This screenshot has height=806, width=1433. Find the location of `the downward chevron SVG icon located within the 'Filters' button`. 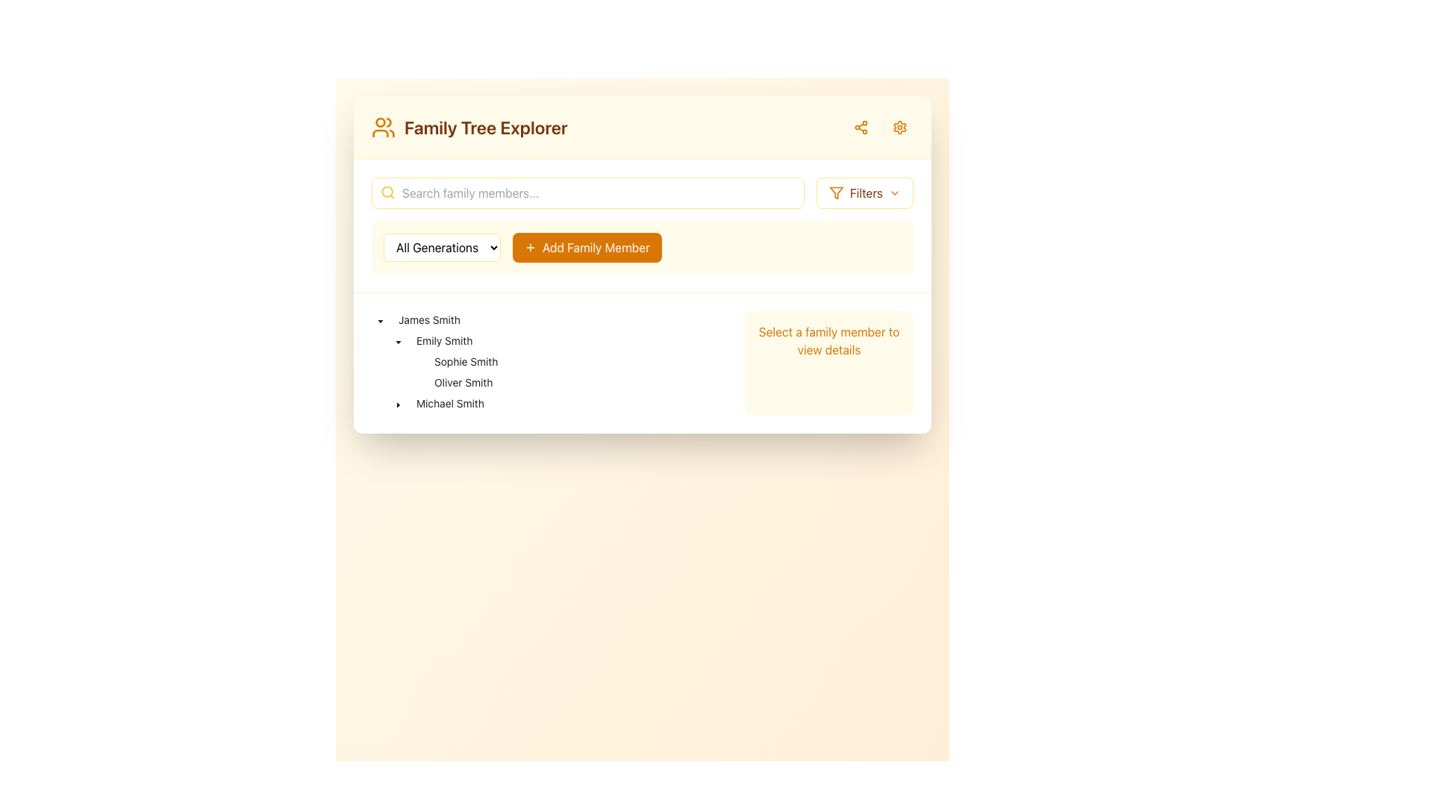

the downward chevron SVG icon located within the 'Filters' button is located at coordinates (895, 192).